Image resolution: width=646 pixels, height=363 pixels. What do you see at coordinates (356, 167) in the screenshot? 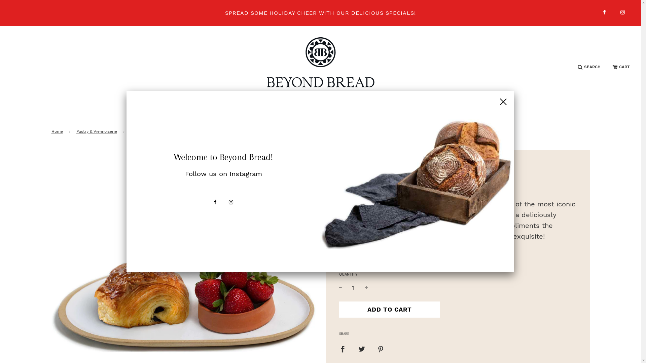
I see `'Beyond Bread'` at bounding box center [356, 167].